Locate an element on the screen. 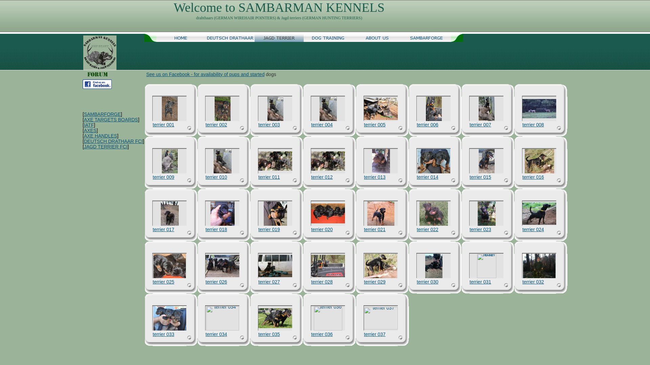 This screenshot has width=650, height=365. 'terrier 016' is located at coordinates (533, 177).